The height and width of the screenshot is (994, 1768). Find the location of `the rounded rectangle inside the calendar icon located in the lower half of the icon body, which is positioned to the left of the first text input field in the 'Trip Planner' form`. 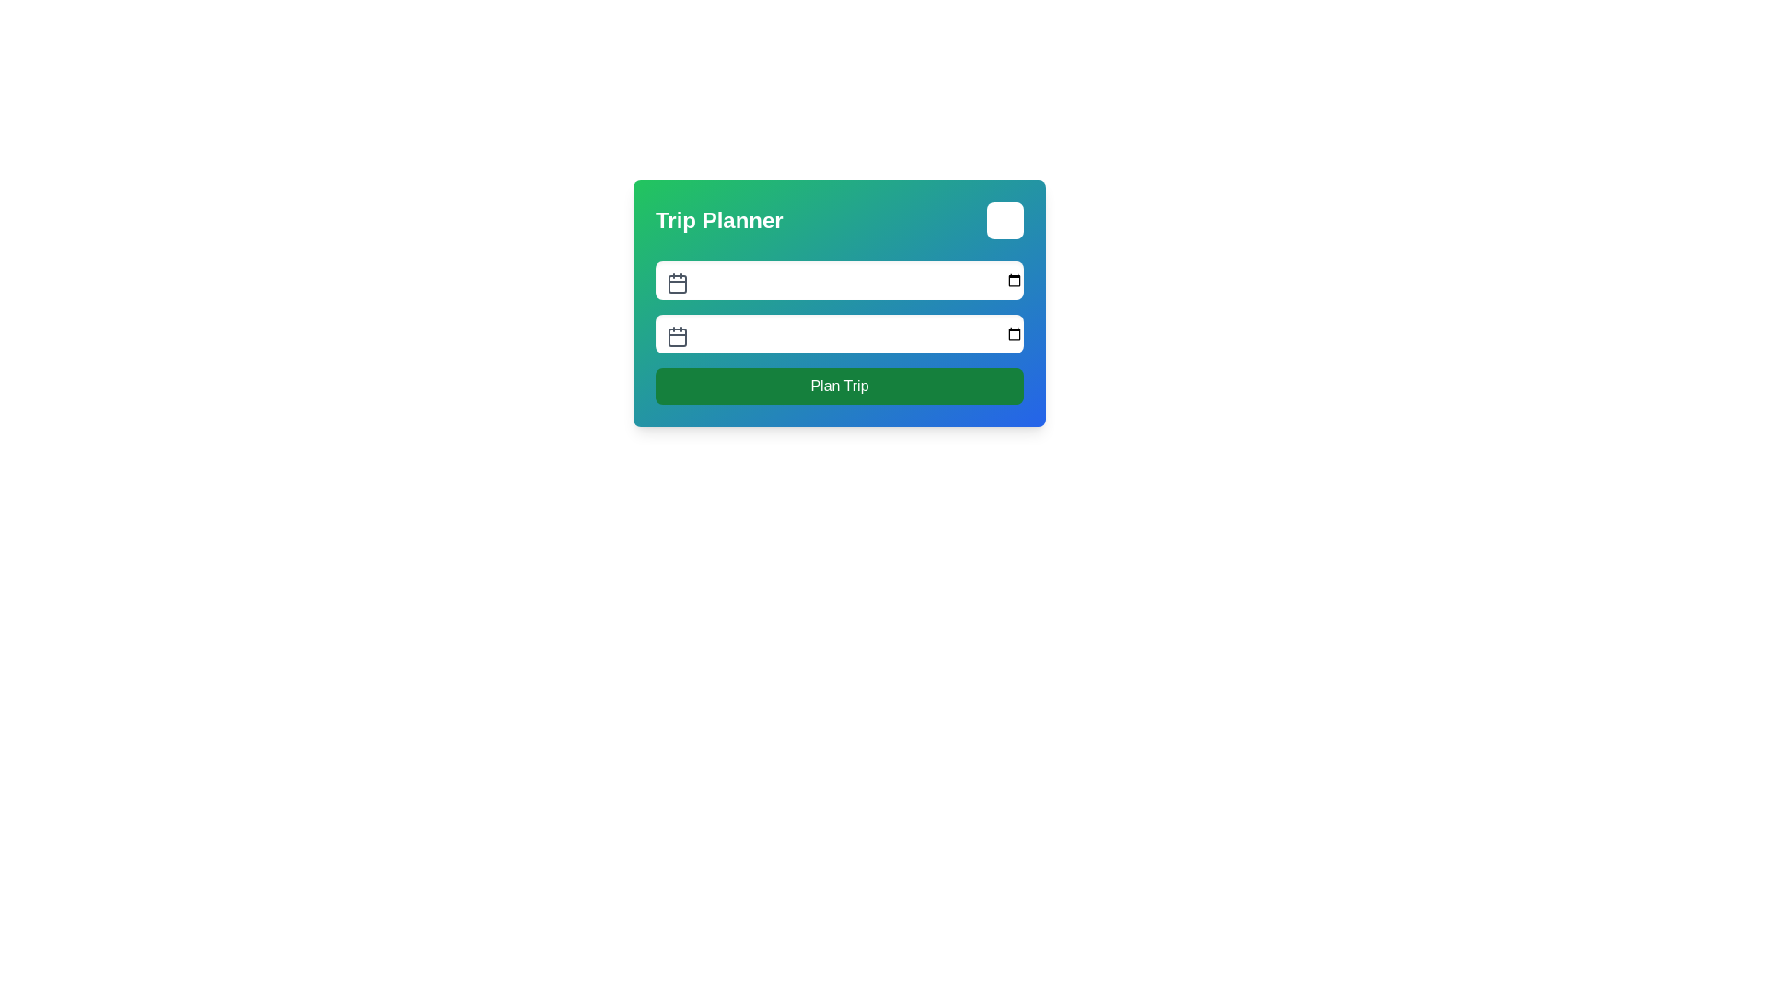

the rounded rectangle inside the calendar icon located in the lower half of the icon body, which is positioned to the left of the first text input field in the 'Trip Planner' form is located at coordinates (676, 283).